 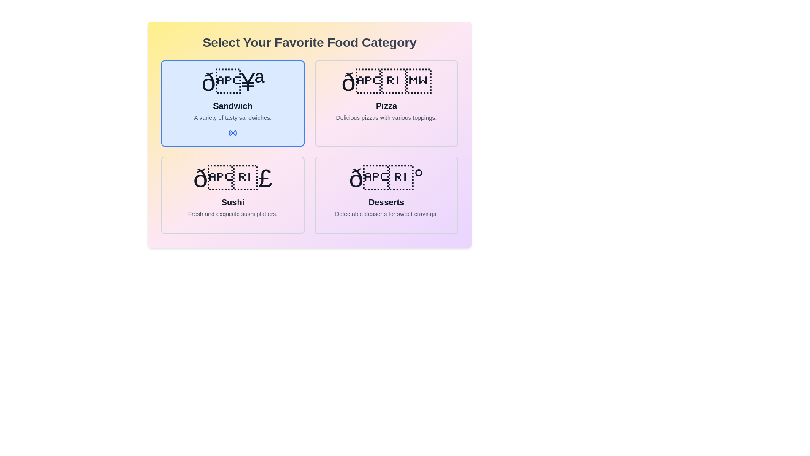 I want to click on the 'Sandwich' text label, which serves as the title for the food category card, positioned in the center of the top-left card in a grid layout, so click(x=233, y=105).